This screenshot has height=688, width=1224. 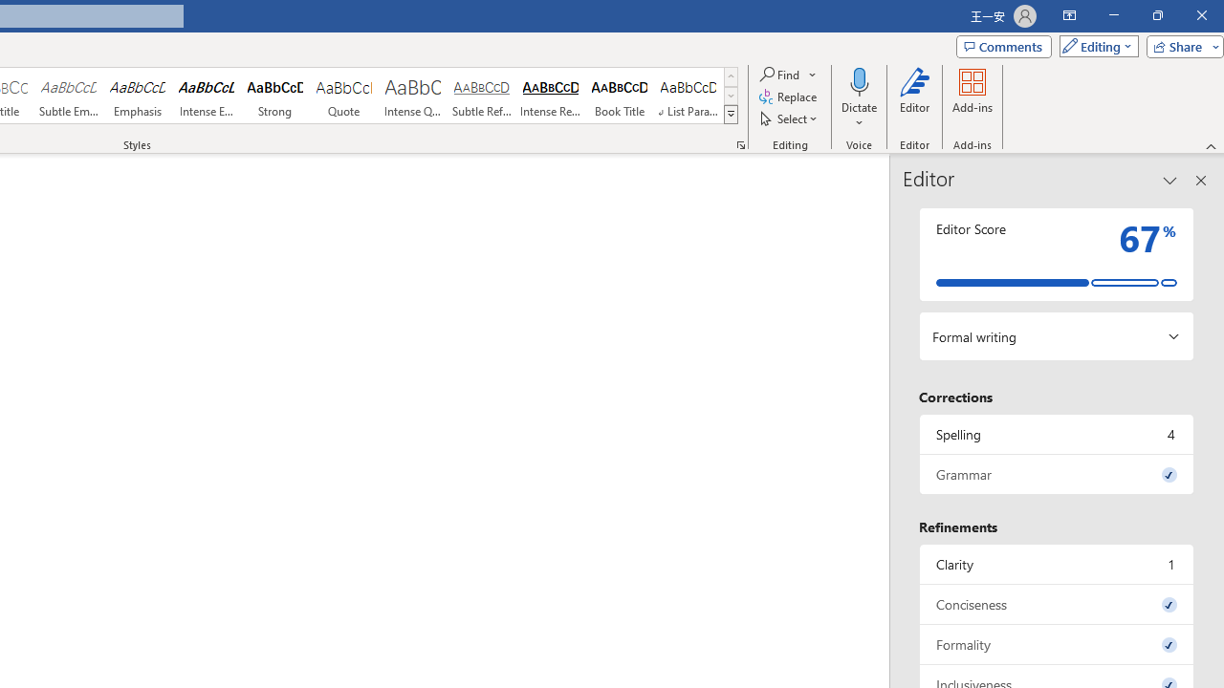 What do you see at coordinates (1200, 15) in the screenshot?
I see `'Close'` at bounding box center [1200, 15].